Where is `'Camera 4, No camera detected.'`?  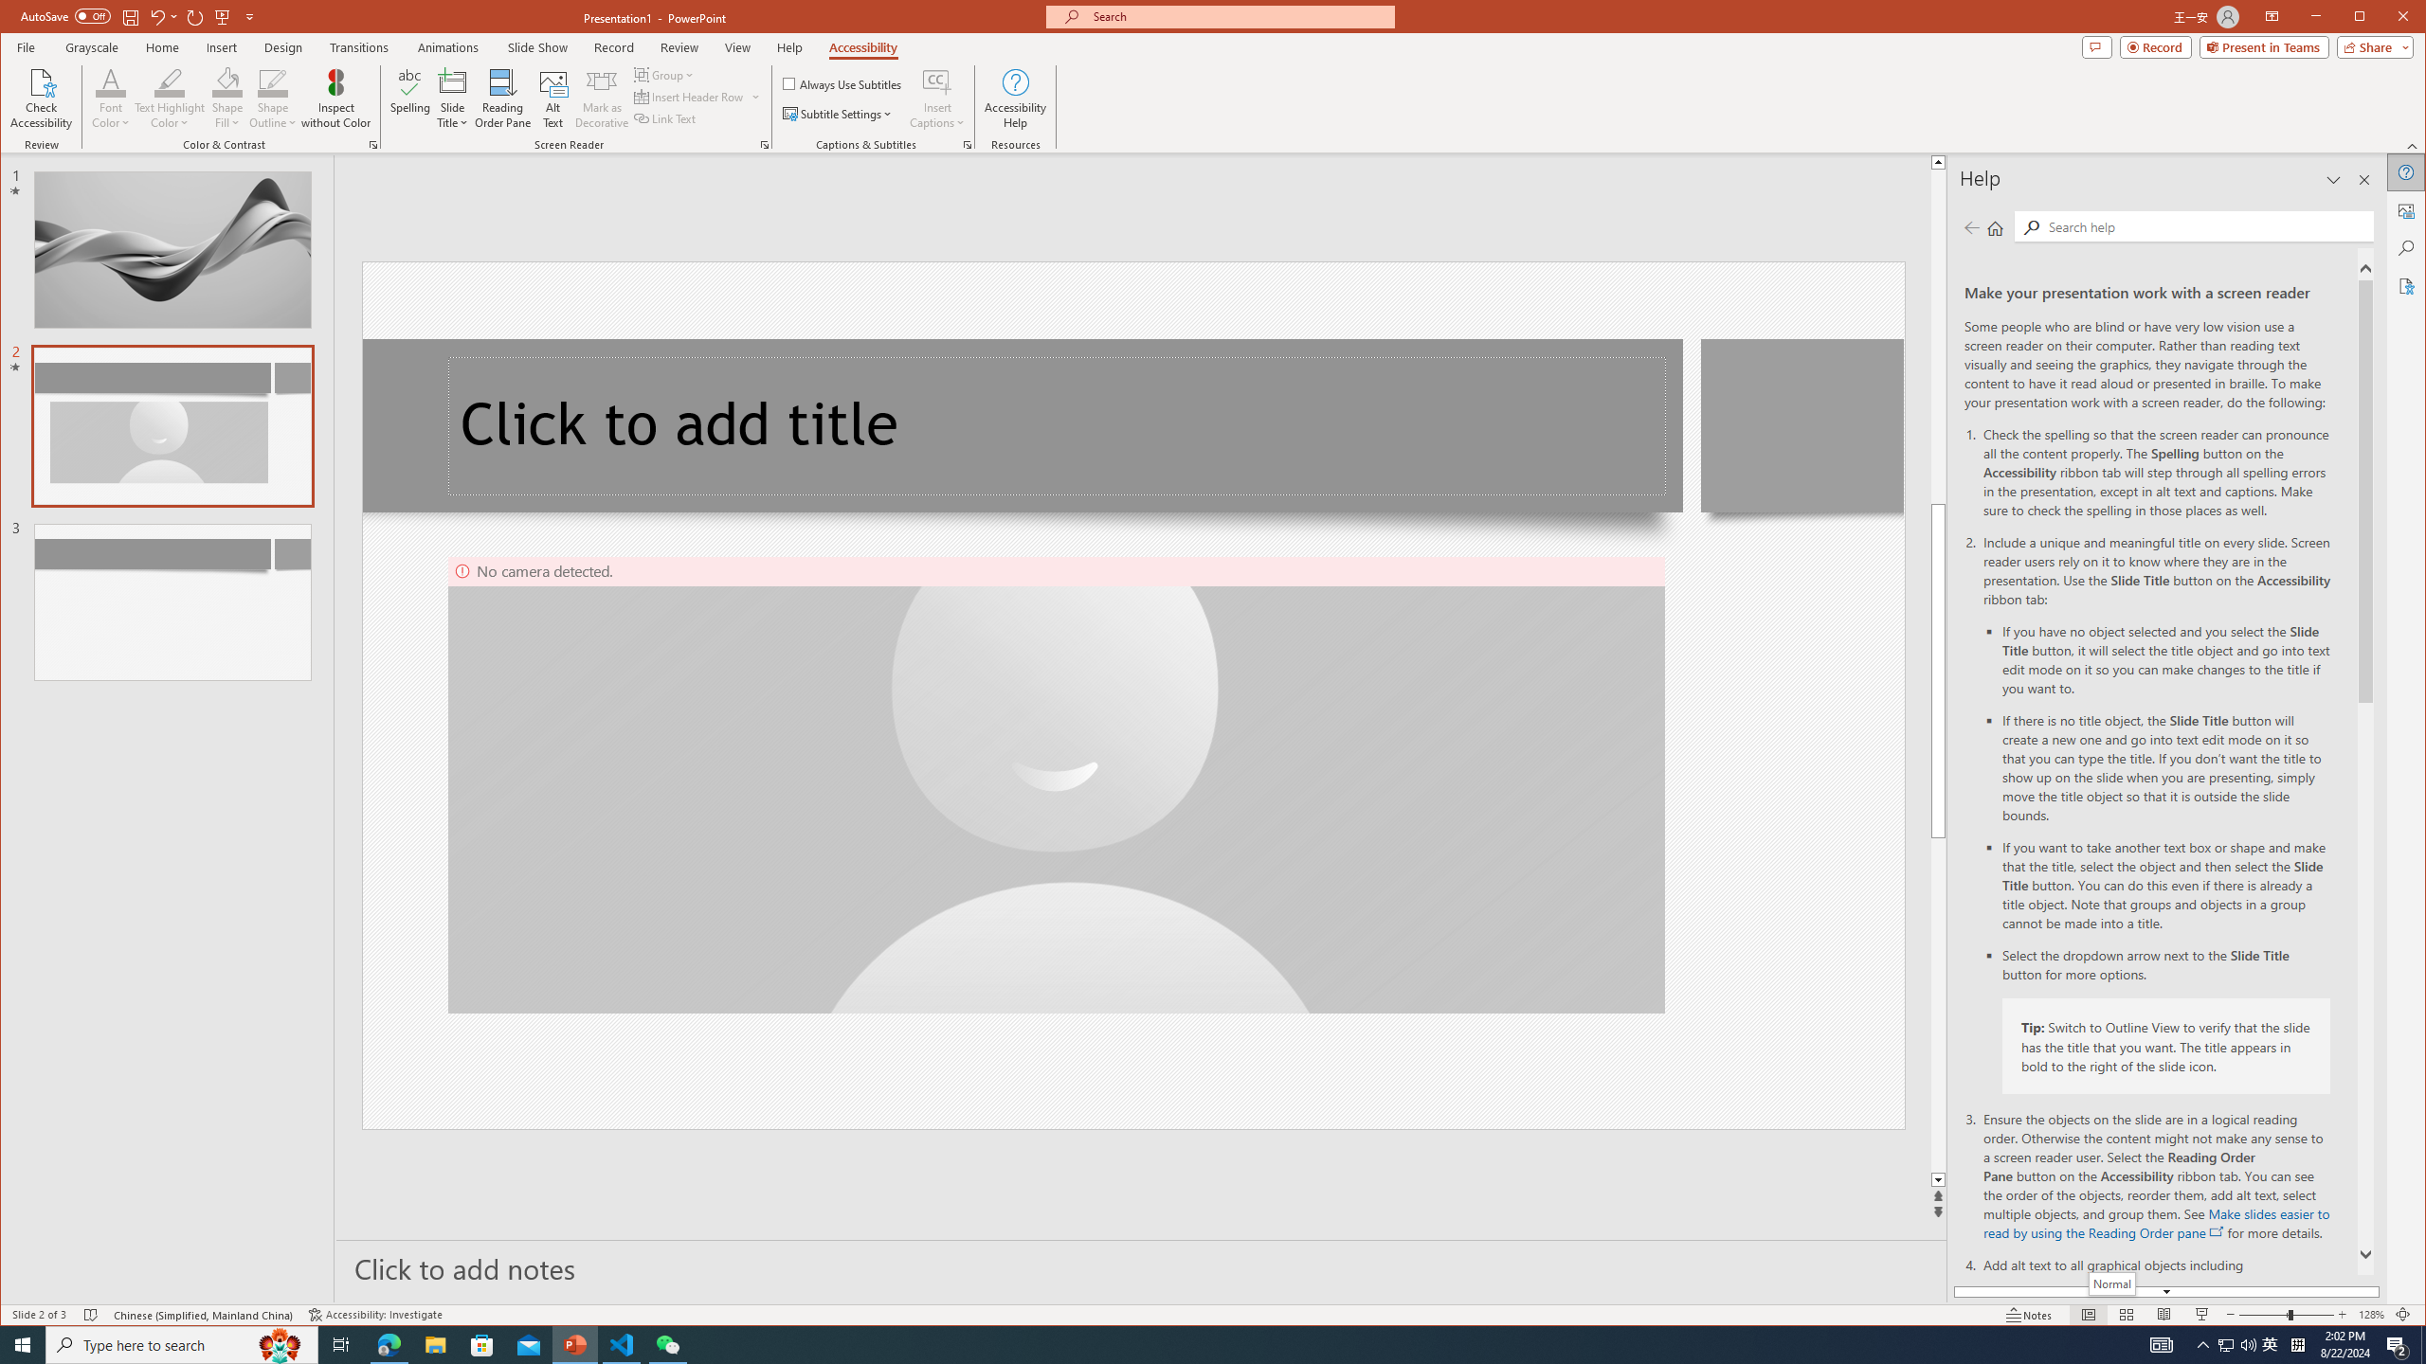 'Camera 4, No camera detected.' is located at coordinates (1055, 783).